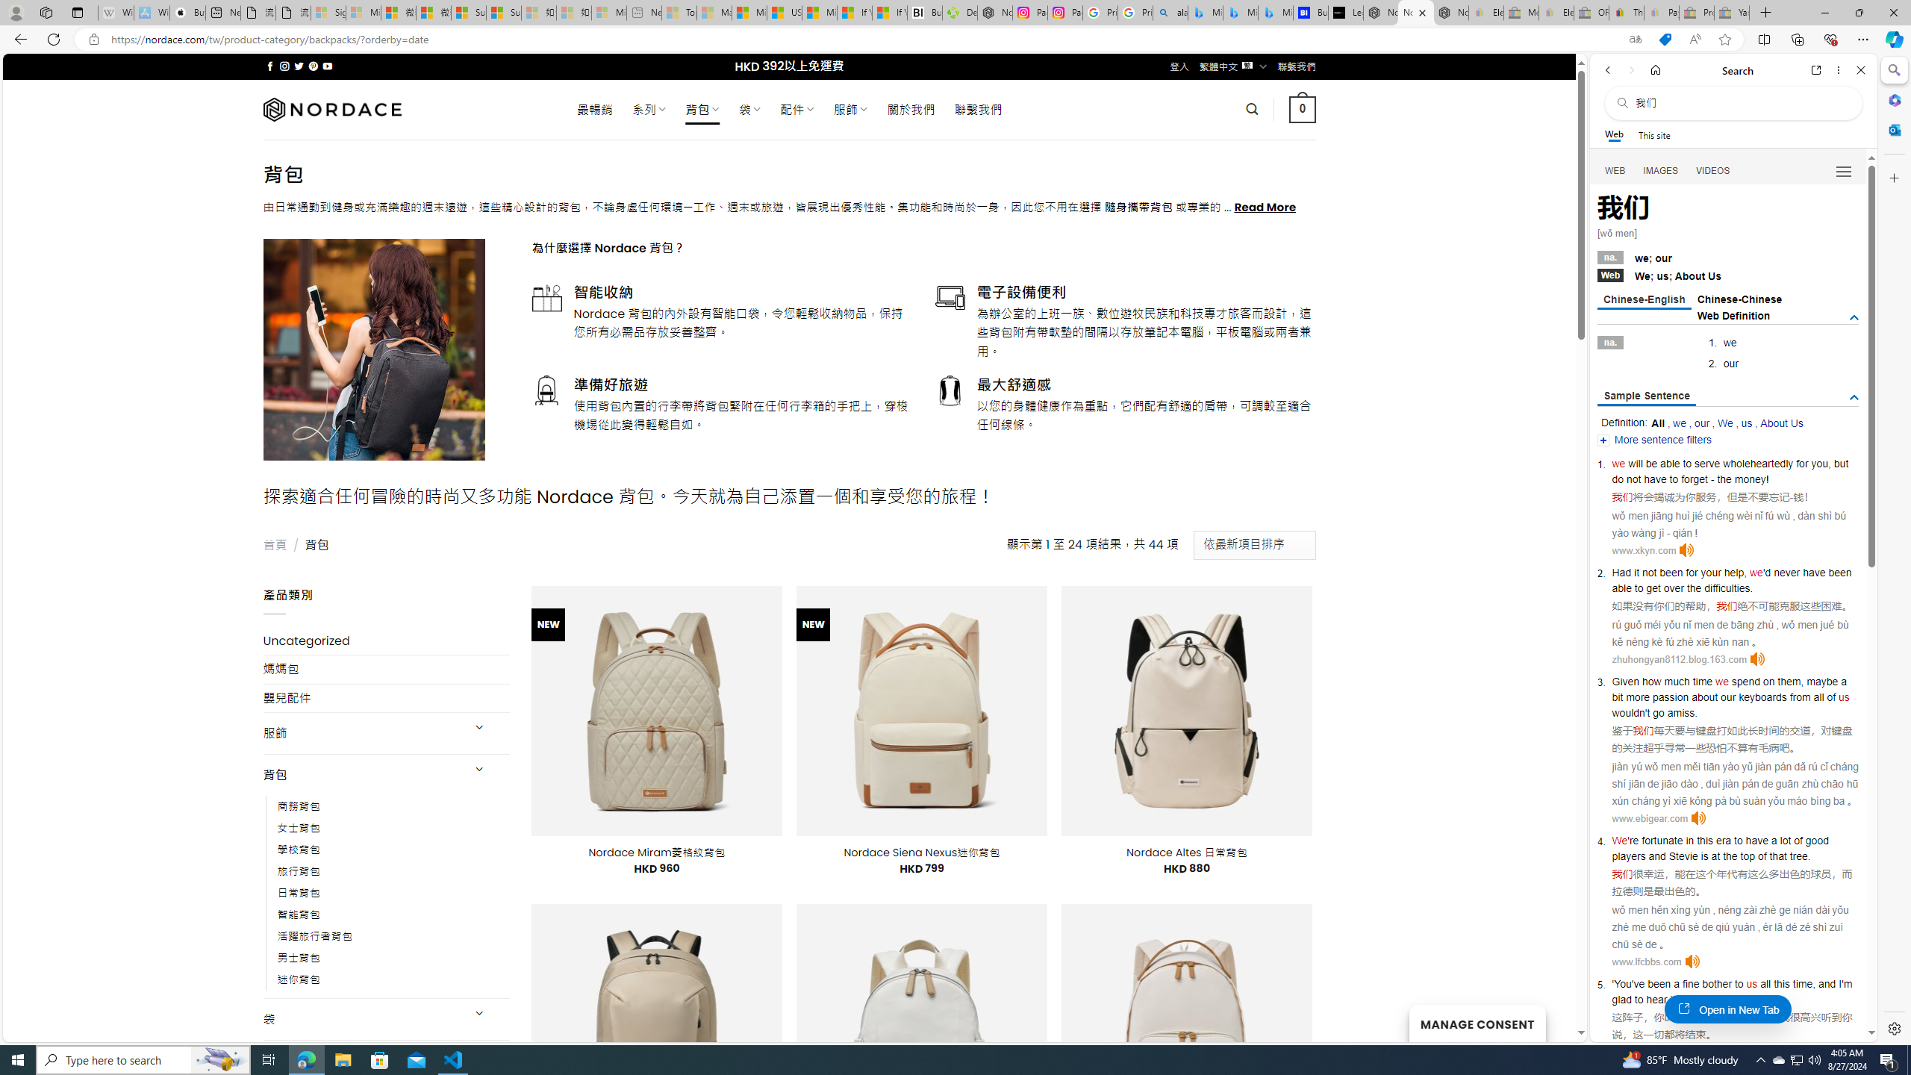 This screenshot has height=1075, width=1911. Describe the element at coordinates (1653, 134) in the screenshot. I see `'This site scope'` at that location.